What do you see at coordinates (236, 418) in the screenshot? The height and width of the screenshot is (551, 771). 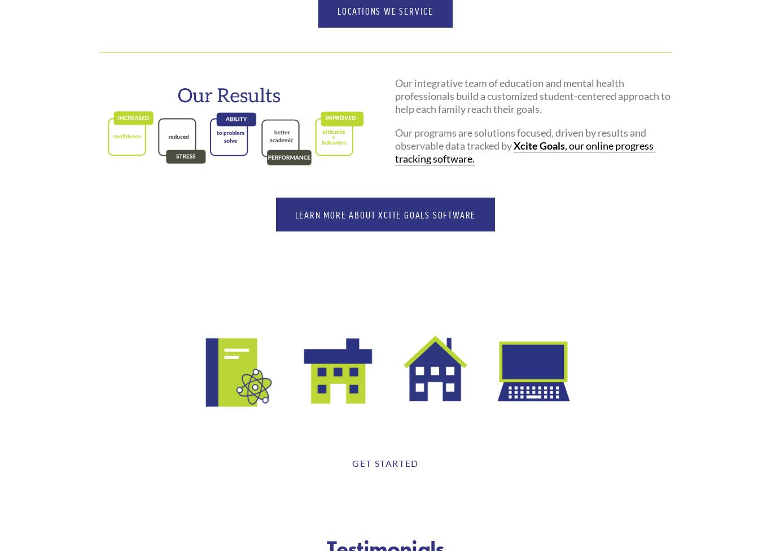 I see `'SCHOOL'` at bounding box center [236, 418].